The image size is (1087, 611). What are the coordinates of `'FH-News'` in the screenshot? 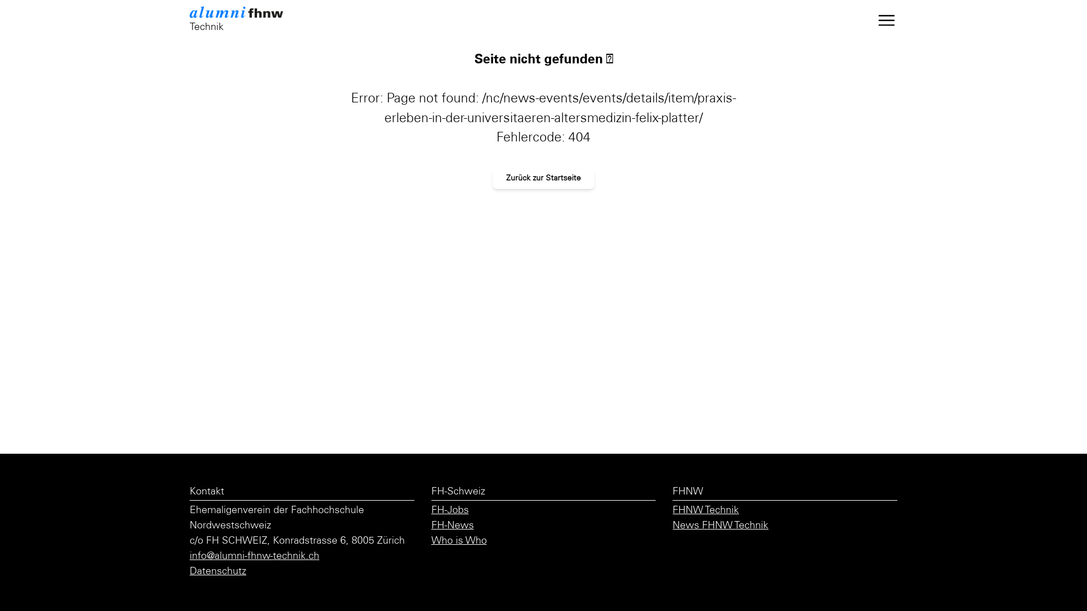 It's located at (431, 526).